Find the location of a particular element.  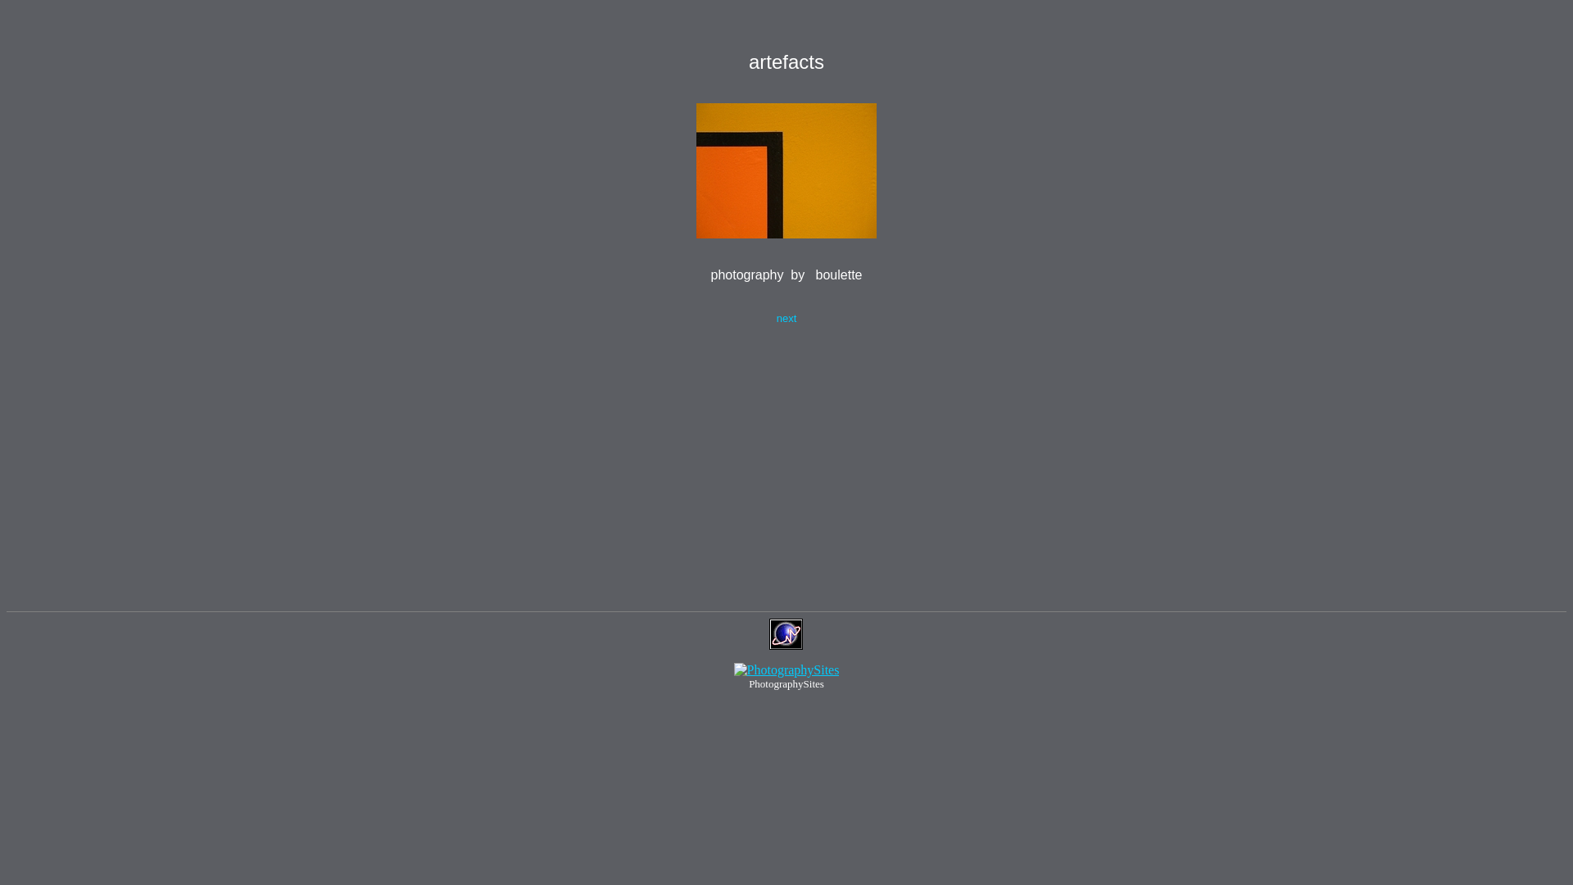

'next' is located at coordinates (786, 318).